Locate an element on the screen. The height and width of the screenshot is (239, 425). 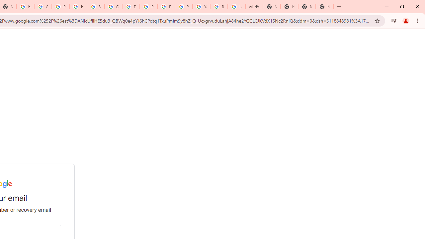
'New Tab' is located at coordinates (306, 7).